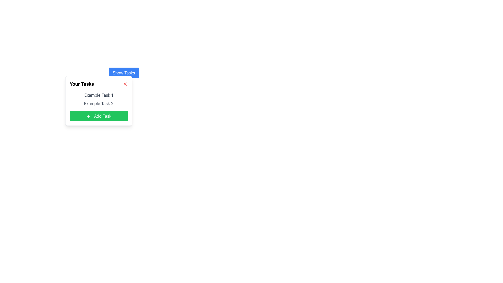 The image size is (503, 283). What do you see at coordinates (125, 84) in the screenshot?
I see `the Close button icon located in the top-right corner of the task panel` at bounding box center [125, 84].